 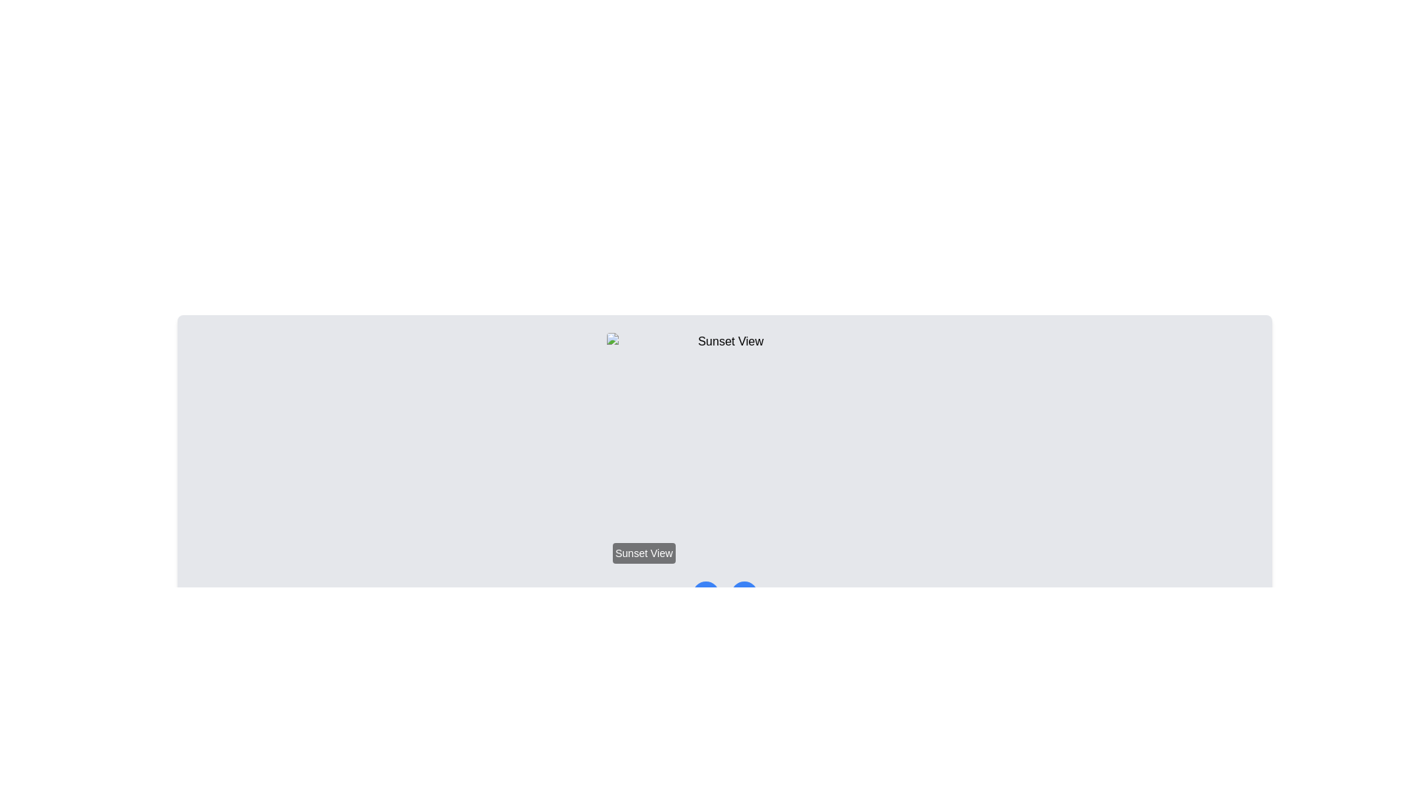 What do you see at coordinates (705, 593) in the screenshot?
I see `the circular blue button with a left-pointing white arrow at its center` at bounding box center [705, 593].